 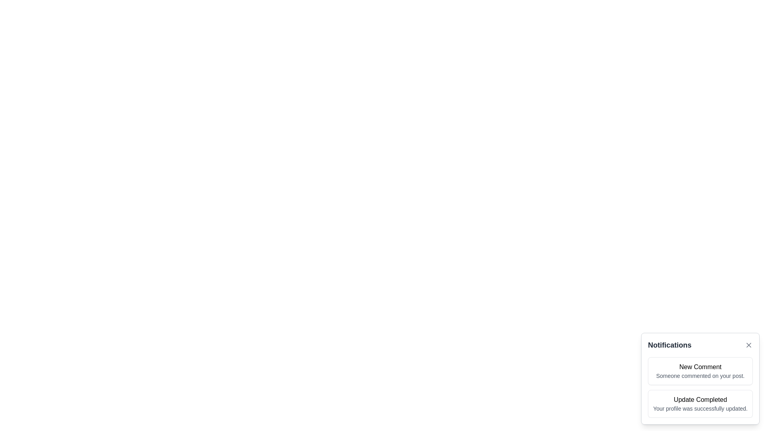 I want to click on notification titled 'New Comment' with the message 'Someone commented on your post' and the notification titled 'Update Completed' with the message 'Your profile was successfully updated' from the notification card located at the bottom-right corner of the interface, so click(x=700, y=378).